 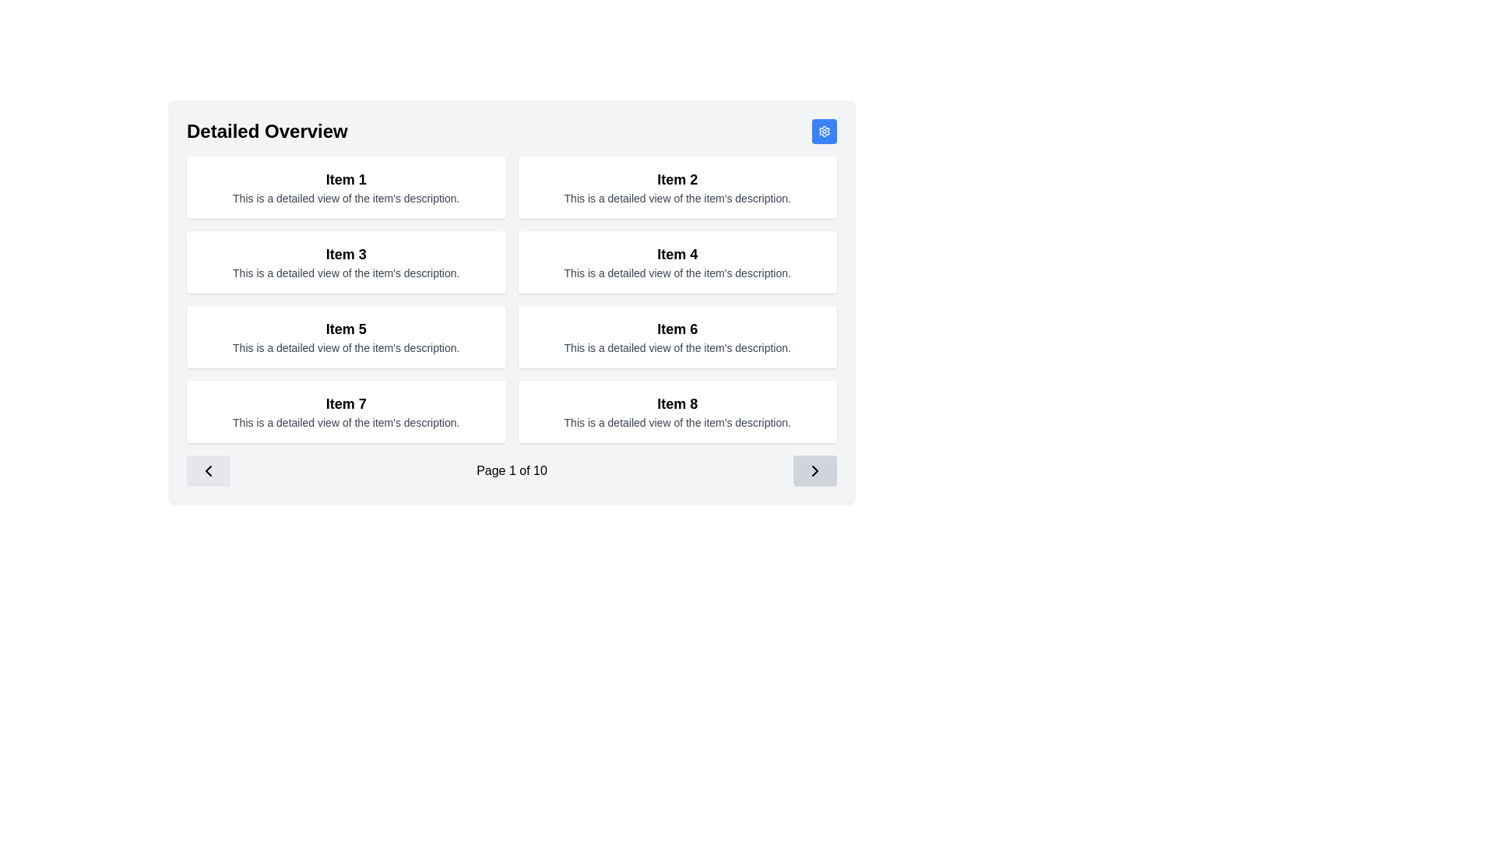 What do you see at coordinates (814, 470) in the screenshot?
I see `the right-facing chevron button used for navigating to the next page in the pagination controls` at bounding box center [814, 470].